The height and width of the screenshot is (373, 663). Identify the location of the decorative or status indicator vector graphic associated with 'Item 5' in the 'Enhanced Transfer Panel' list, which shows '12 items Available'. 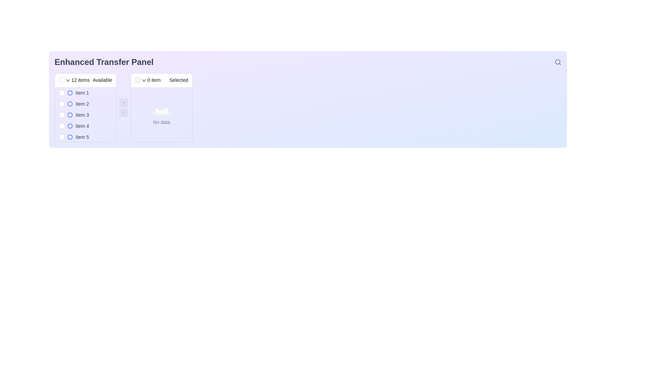
(70, 137).